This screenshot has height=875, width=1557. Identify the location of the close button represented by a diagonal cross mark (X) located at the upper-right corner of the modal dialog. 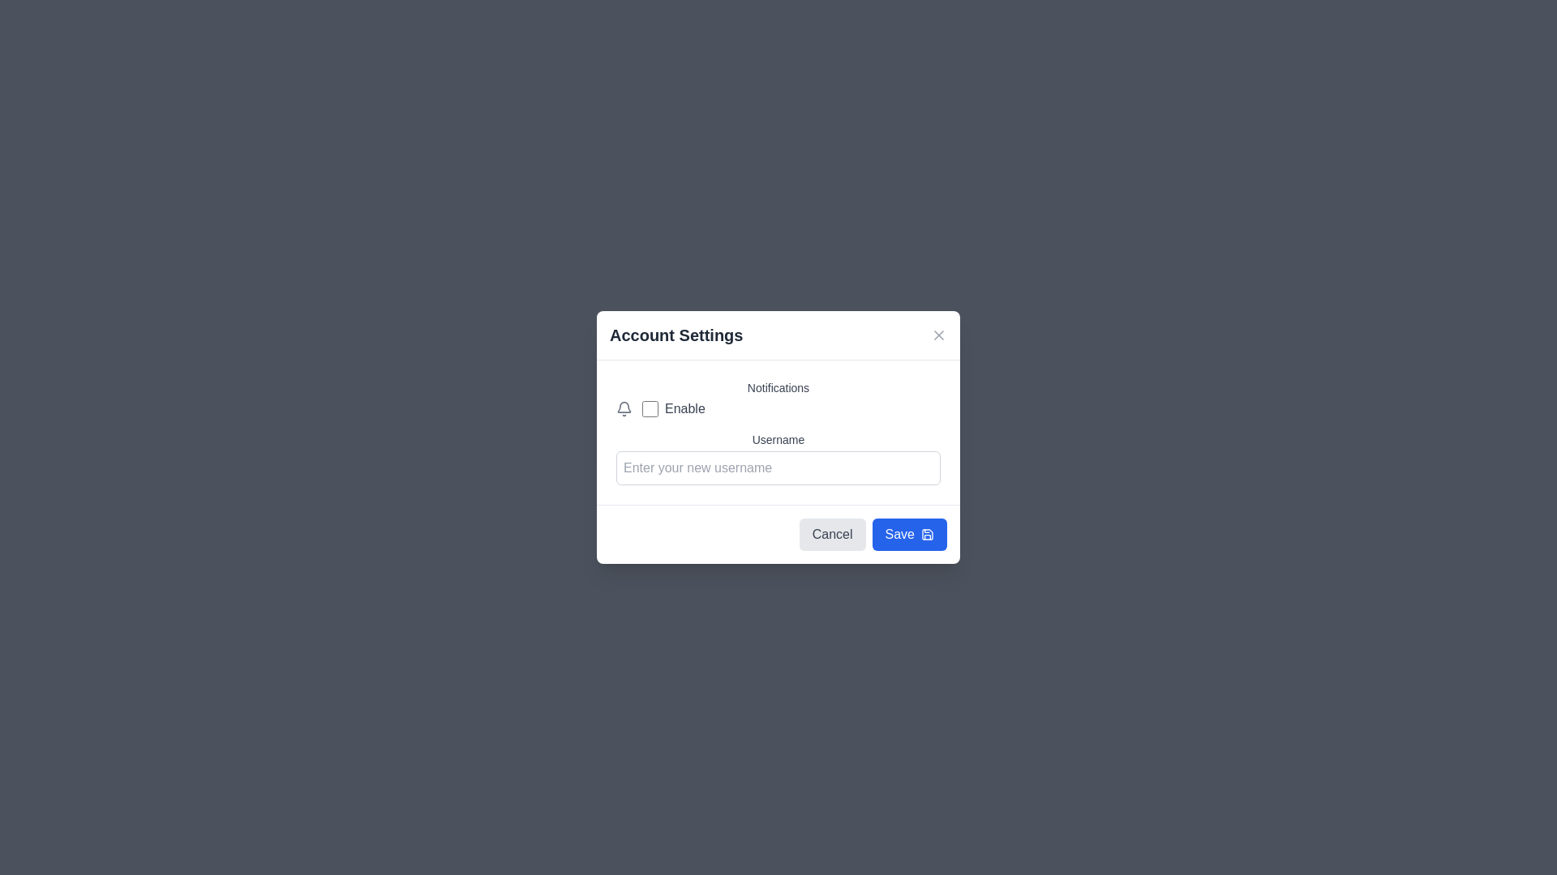
(938, 334).